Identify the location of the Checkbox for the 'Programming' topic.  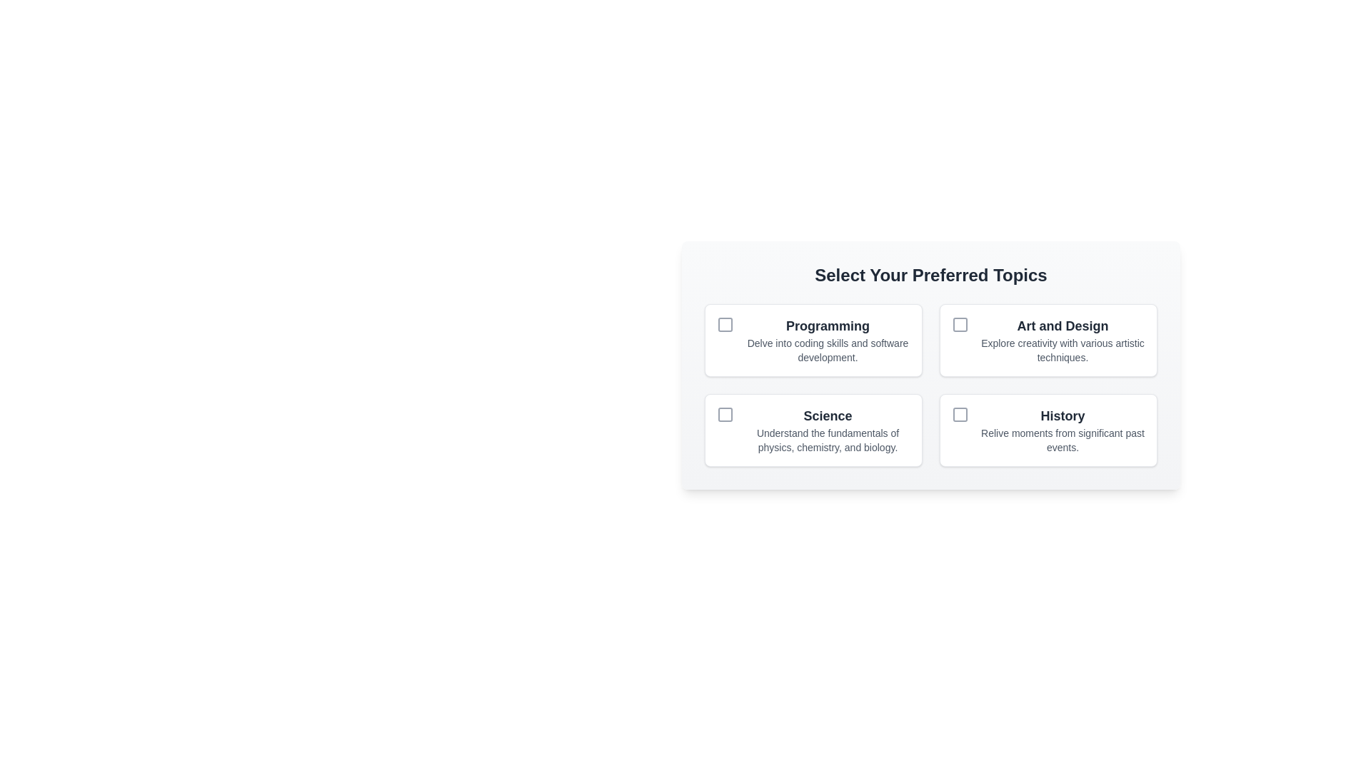
(725, 325).